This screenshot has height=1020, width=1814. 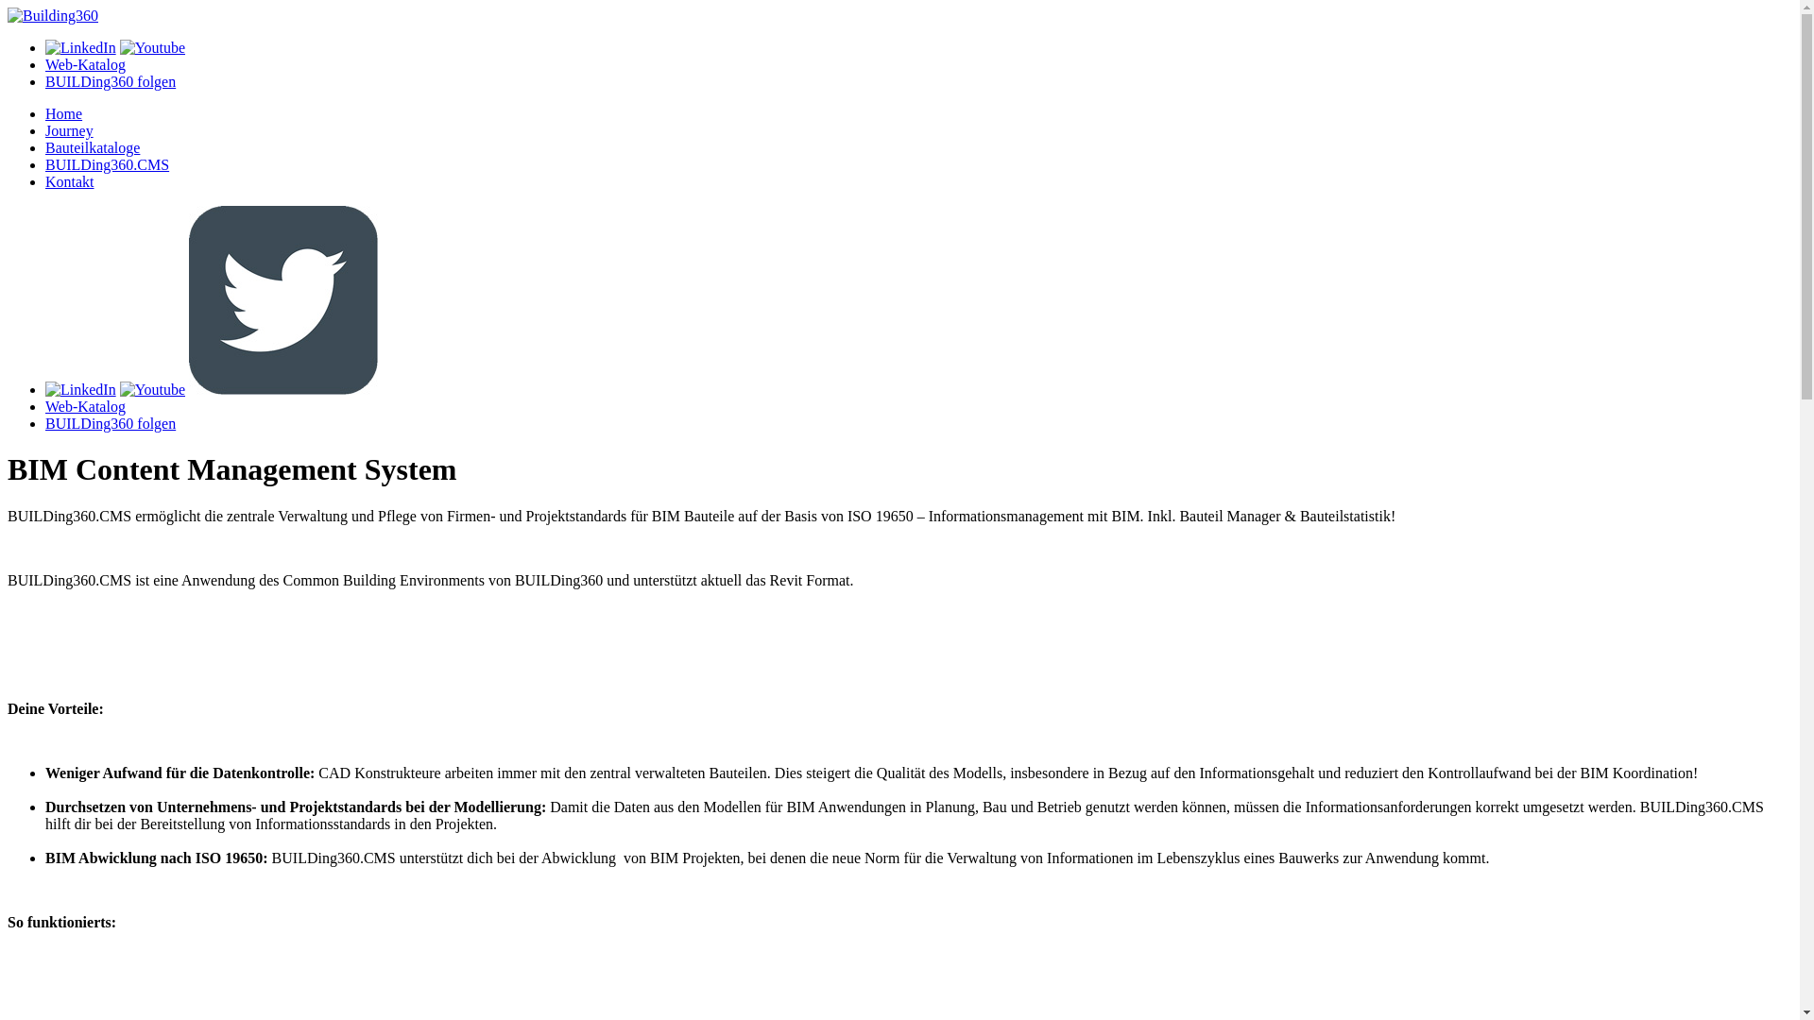 I want to click on 'Journey', so click(x=45, y=129).